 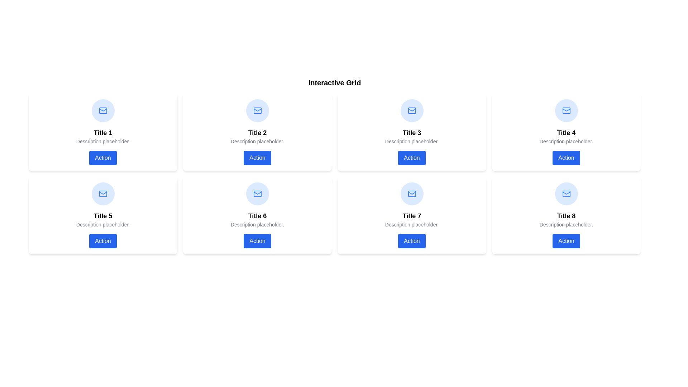 I want to click on the static text label reading 'Description placeholder.', which is styled in a smaller font size and gray color, positioned below 'Title 3' and above the 'Action' button in the upper row, third card from the left, so click(x=412, y=141).